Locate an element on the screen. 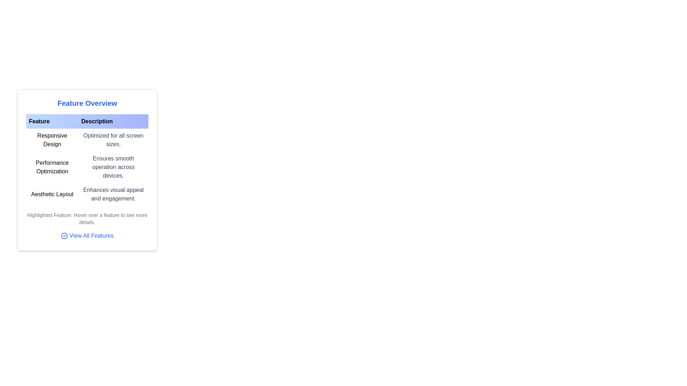 The image size is (687, 386). the 'View All Features' text link with icon, which is styled with blue text and an underline, located at the bottom of a content card is located at coordinates (87, 237).